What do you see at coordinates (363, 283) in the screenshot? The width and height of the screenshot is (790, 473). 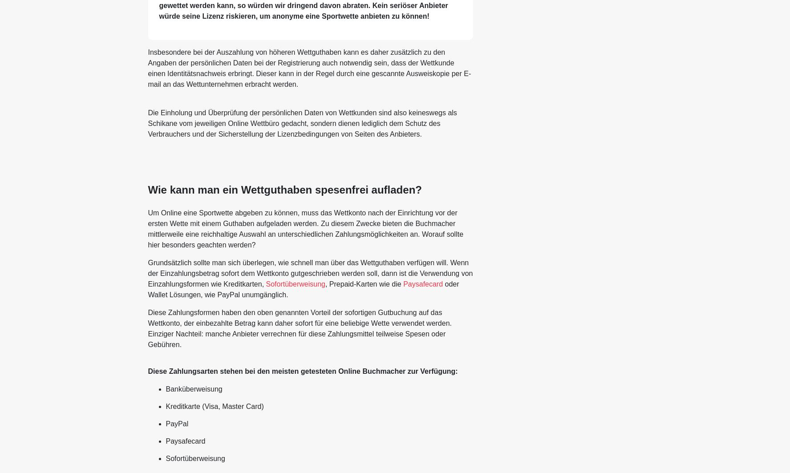 I see `', Prepaid-Karten wie die'` at bounding box center [363, 283].